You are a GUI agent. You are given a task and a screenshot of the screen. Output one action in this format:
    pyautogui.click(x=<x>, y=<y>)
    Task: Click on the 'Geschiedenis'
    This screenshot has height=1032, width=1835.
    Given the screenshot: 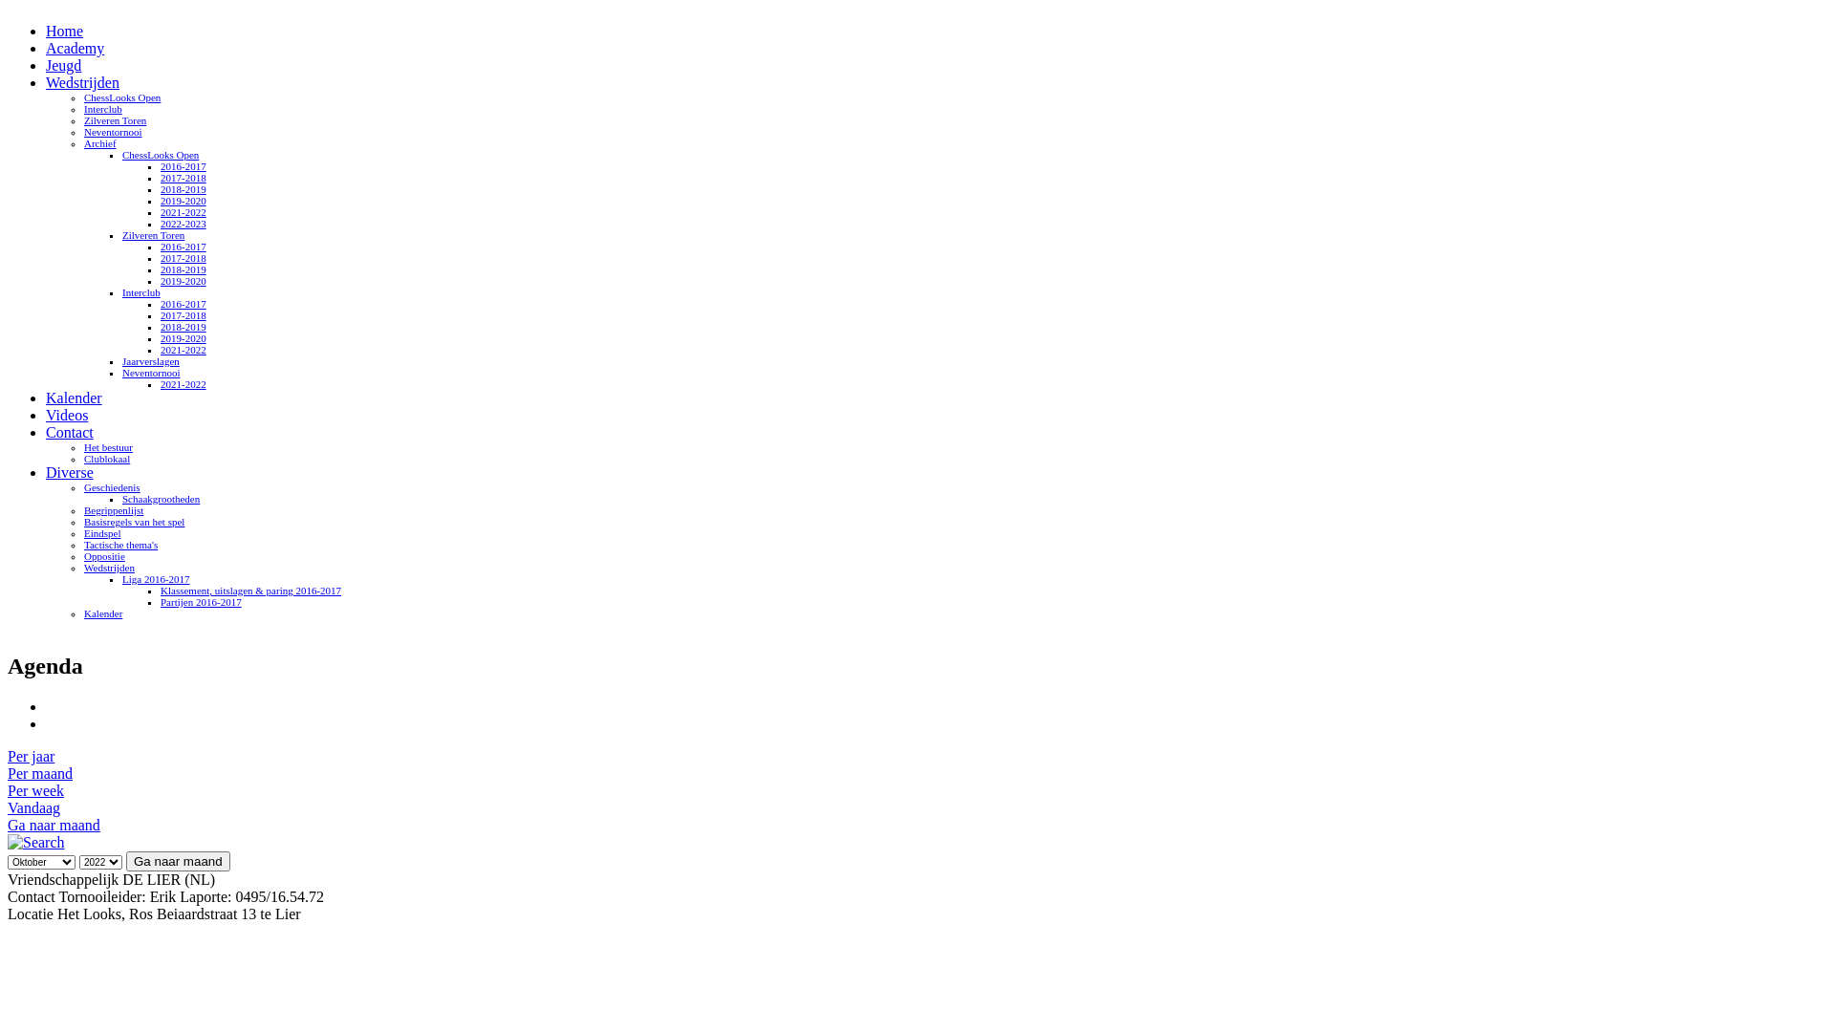 What is the action you would take?
    pyautogui.click(x=111, y=485)
    